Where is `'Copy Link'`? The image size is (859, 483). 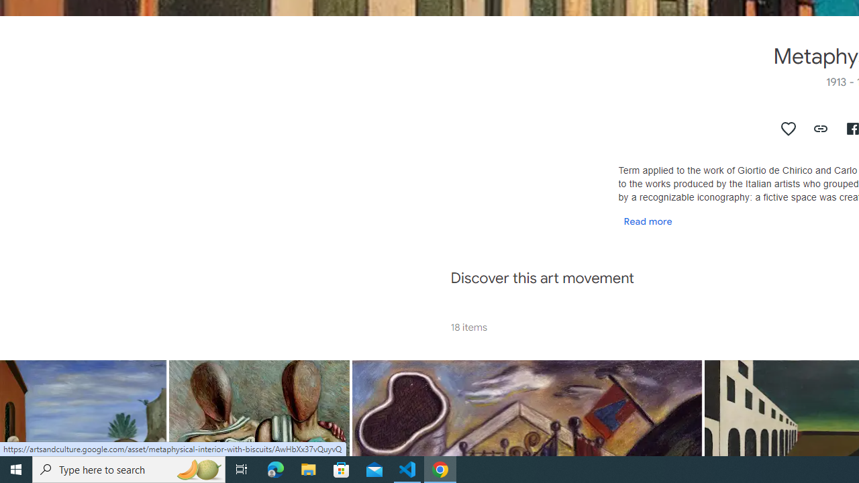 'Copy Link' is located at coordinates (820, 128).